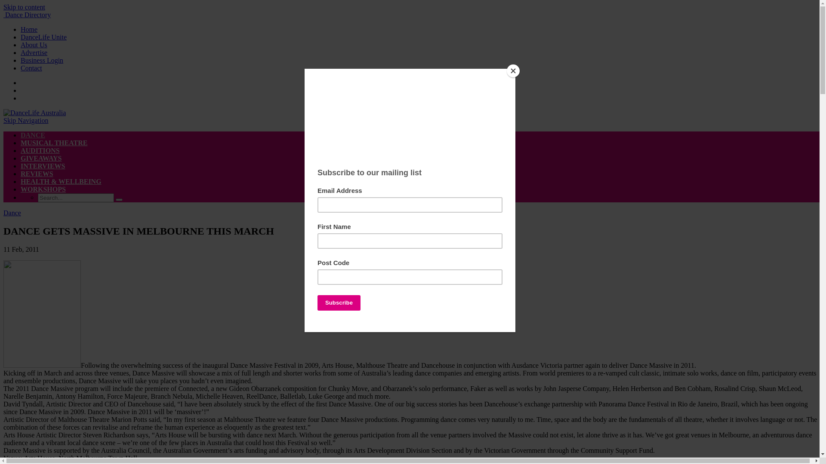  What do you see at coordinates (33, 135) in the screenshot?
I see `'DANCE'` at bounding box center [33, 135].